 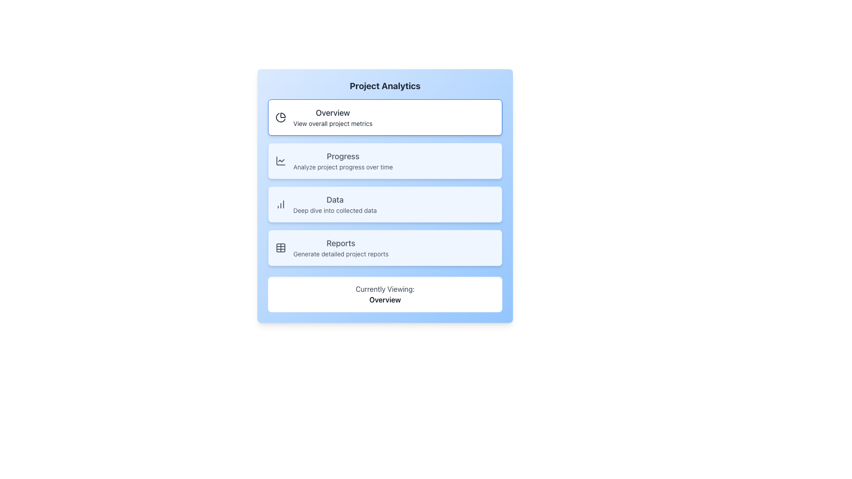 What do you see at coordinates (335, 200) in the screenshot?
I see `text label 'Data' which is styled with a larger font size and bold emphasis, located in the third option block of the navigation menu under 'Project Analytics'` at bounding box center [335, 200].